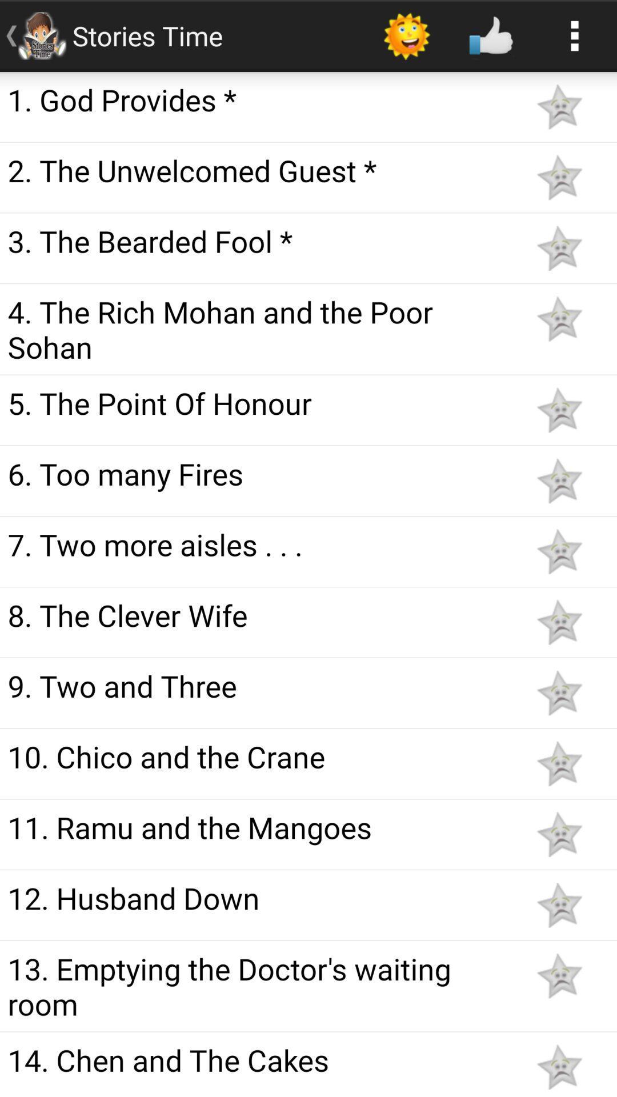  What do you see at coordinates (258, 986) in the screenshot?
I see `the app above 14 chen and icon` at bounding box center [258, 986].